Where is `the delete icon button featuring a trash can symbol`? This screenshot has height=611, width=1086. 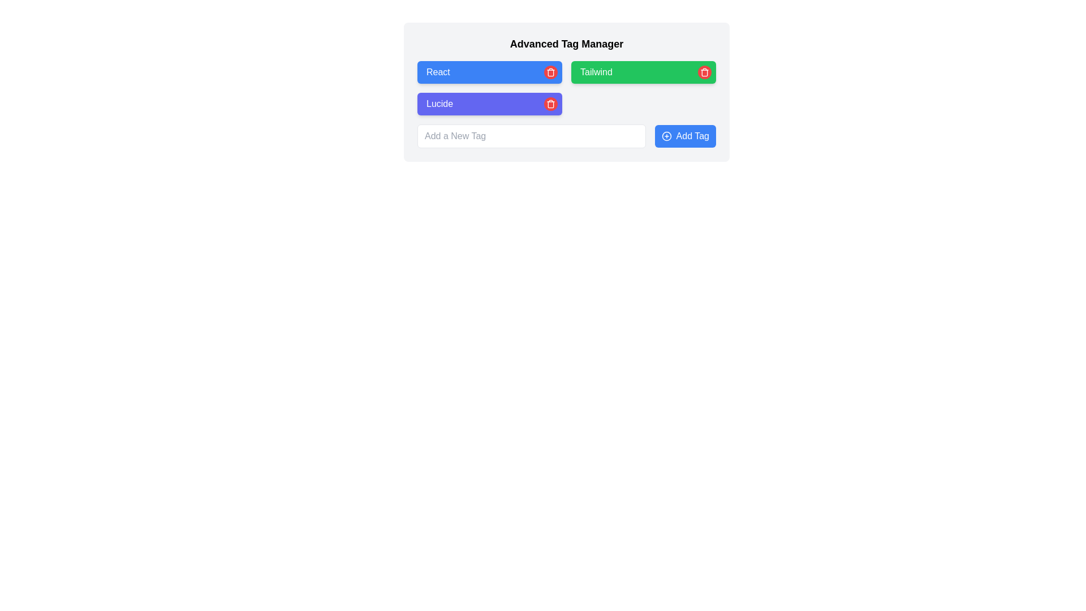
the delete icon button featuring a trash can symbol is located at coordinates (704, 72).